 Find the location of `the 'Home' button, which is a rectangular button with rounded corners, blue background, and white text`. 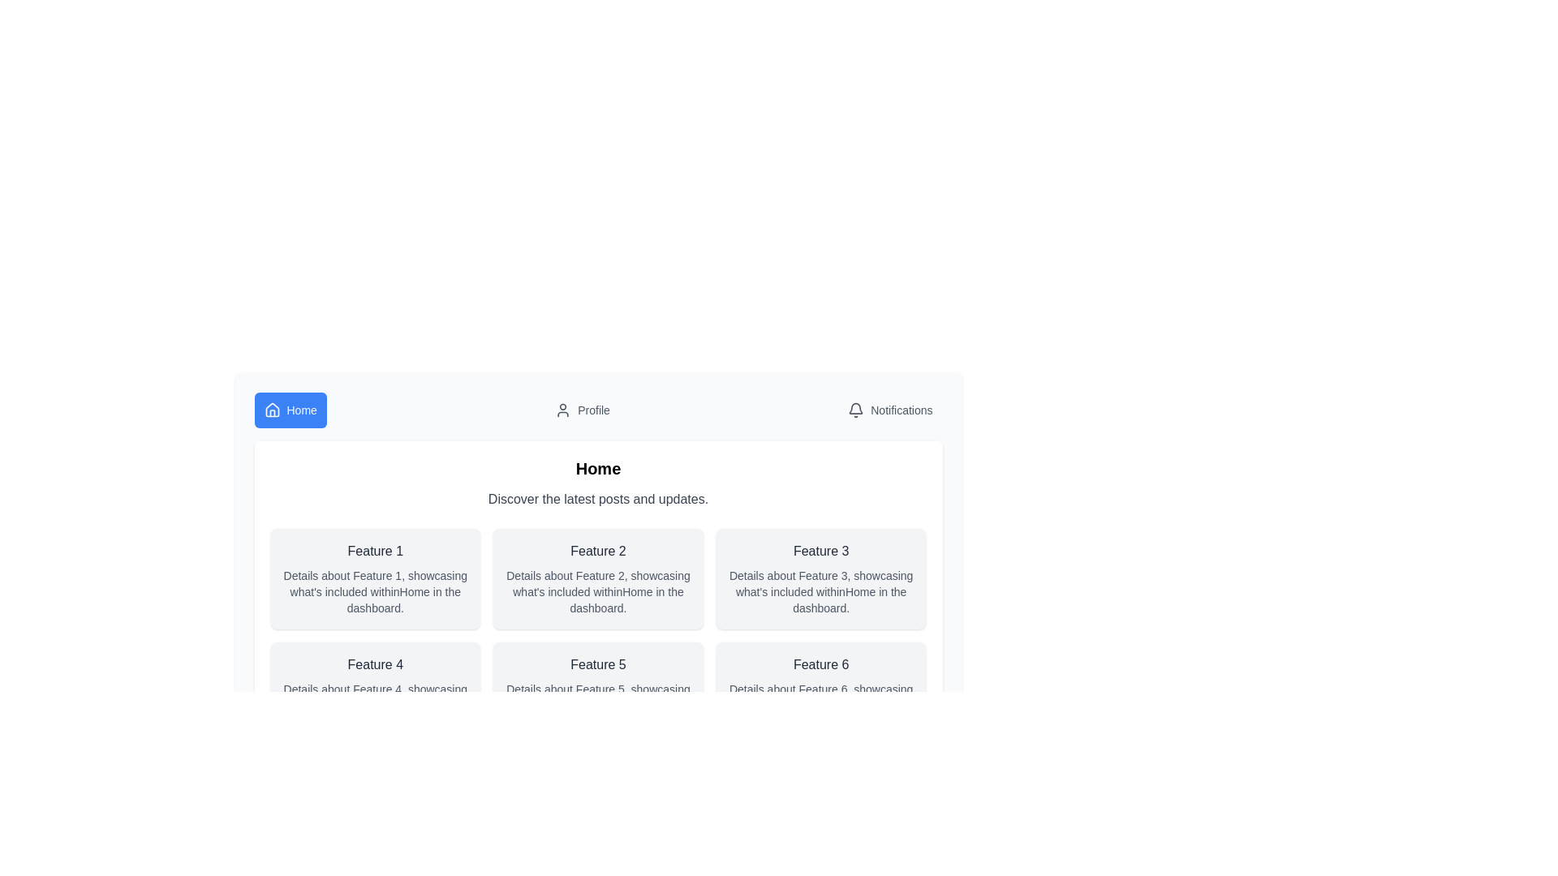

the 'Home' button, which is a rectangular button with rounded corners, blue background, and white text is located at coordinates (291, 409).